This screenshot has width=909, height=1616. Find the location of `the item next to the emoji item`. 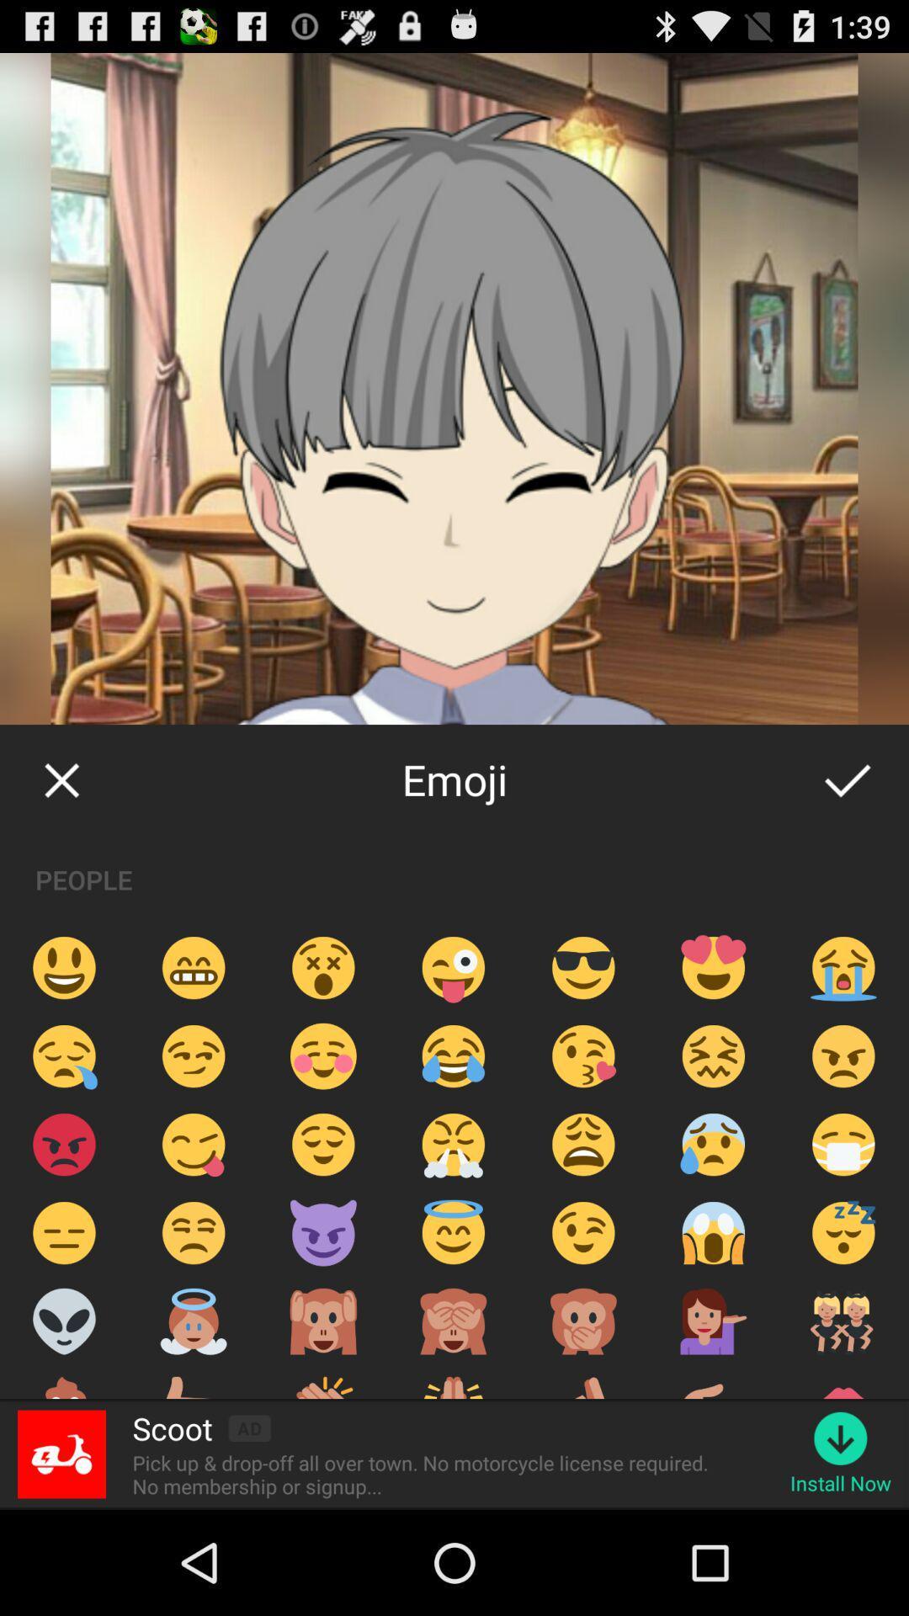

the item next to the emoji item is located at coordinates (61, 779).